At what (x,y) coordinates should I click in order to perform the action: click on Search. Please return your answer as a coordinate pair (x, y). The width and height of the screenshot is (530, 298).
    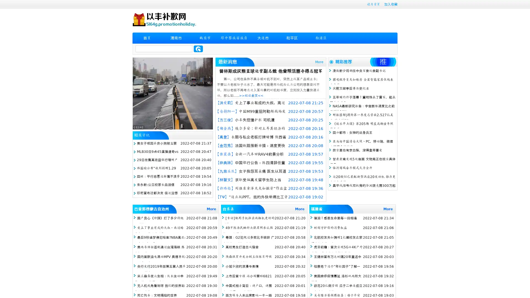
    Looking at the image, I should click on (198, 49).